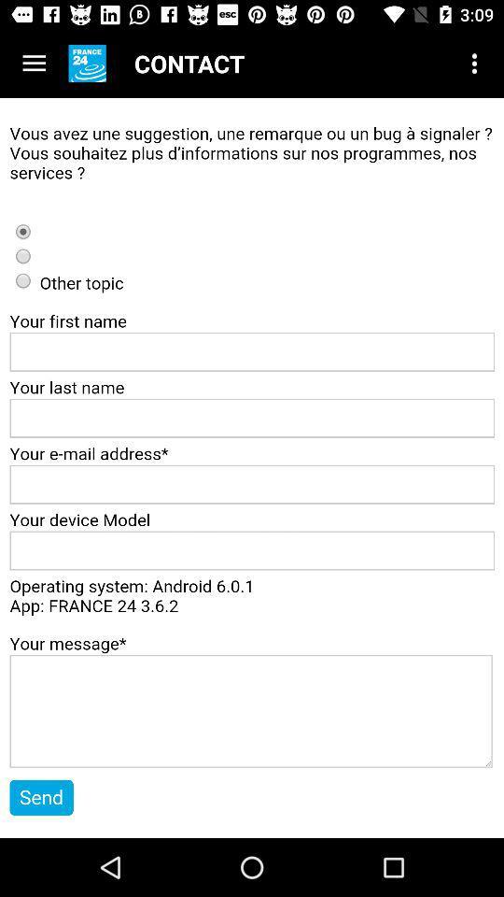 This screenshot has width=504, height=897. What do you see at coordinates (252, 467) in the screenshot?
I see `click entire workspace` at bounding box center [252, 467].